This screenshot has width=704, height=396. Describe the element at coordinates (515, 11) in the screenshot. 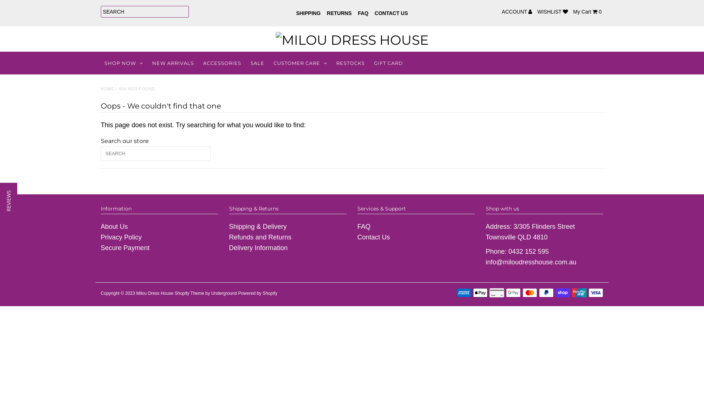

I see `'ACCOUNT'` at that location.